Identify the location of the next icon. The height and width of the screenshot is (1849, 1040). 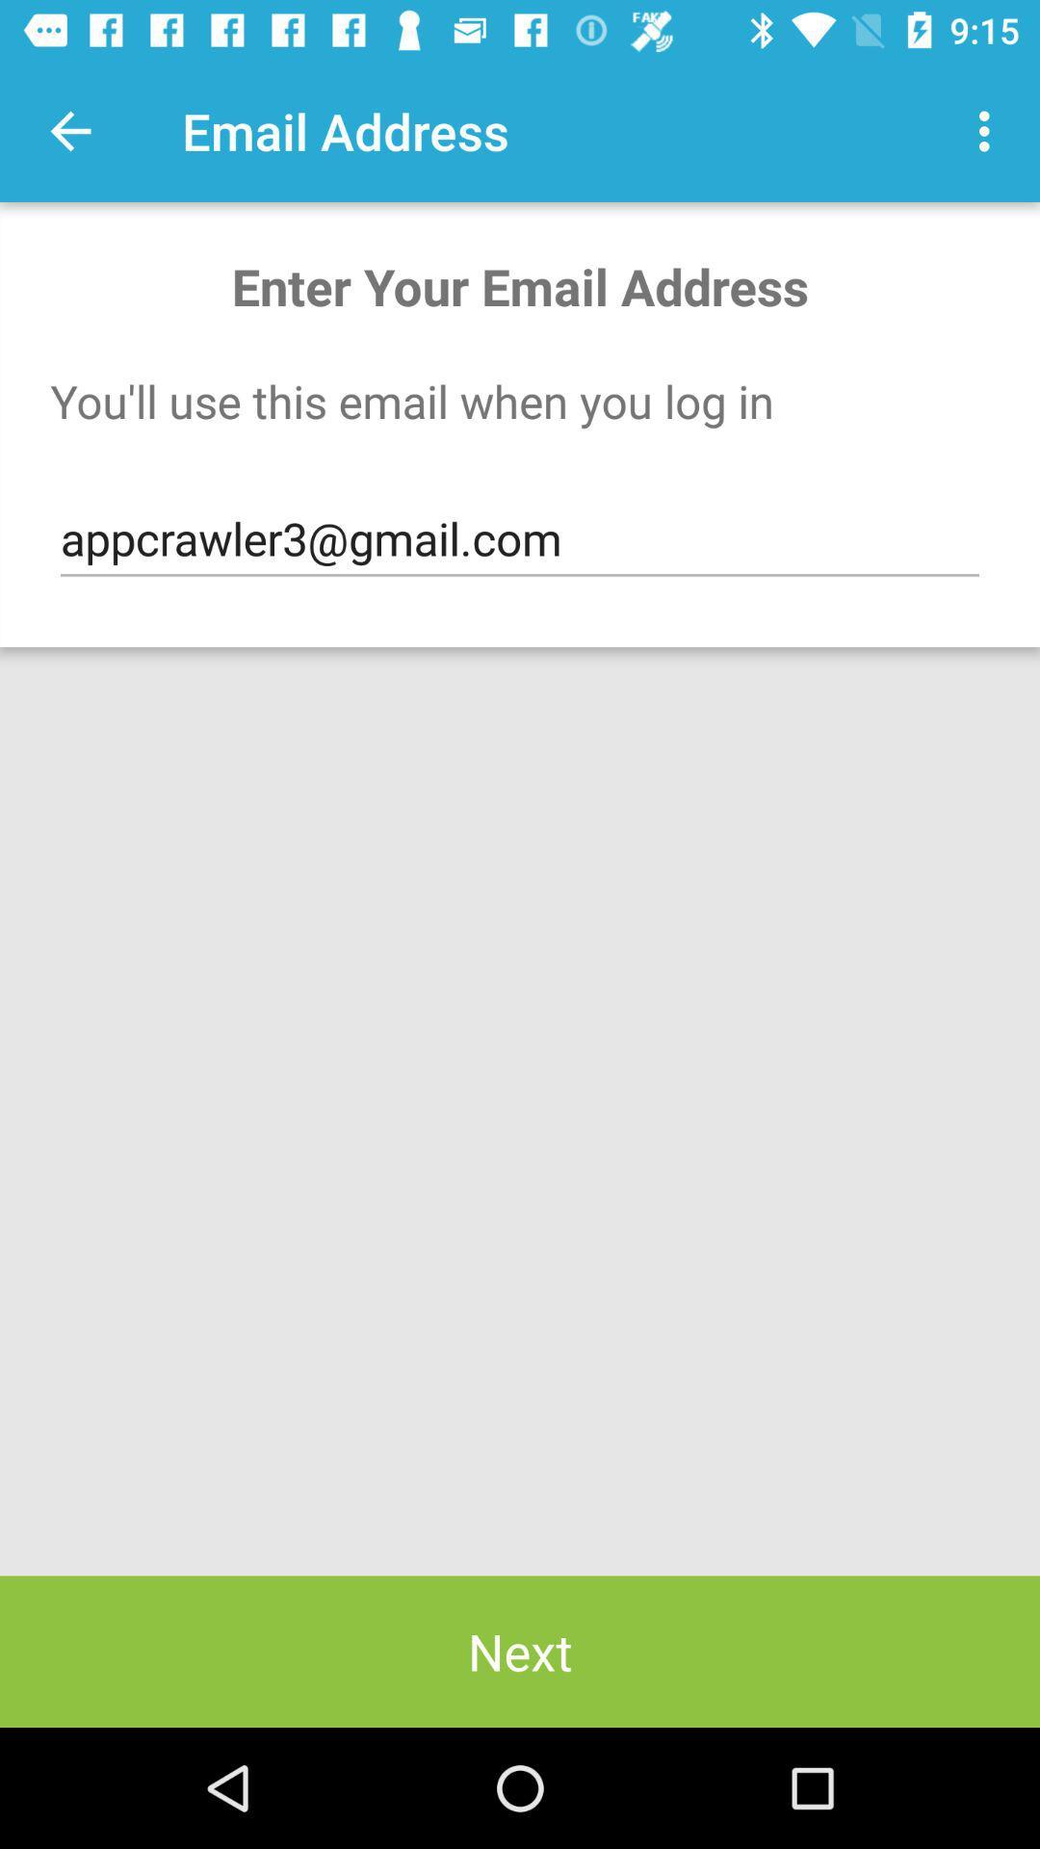
(520, 1651).